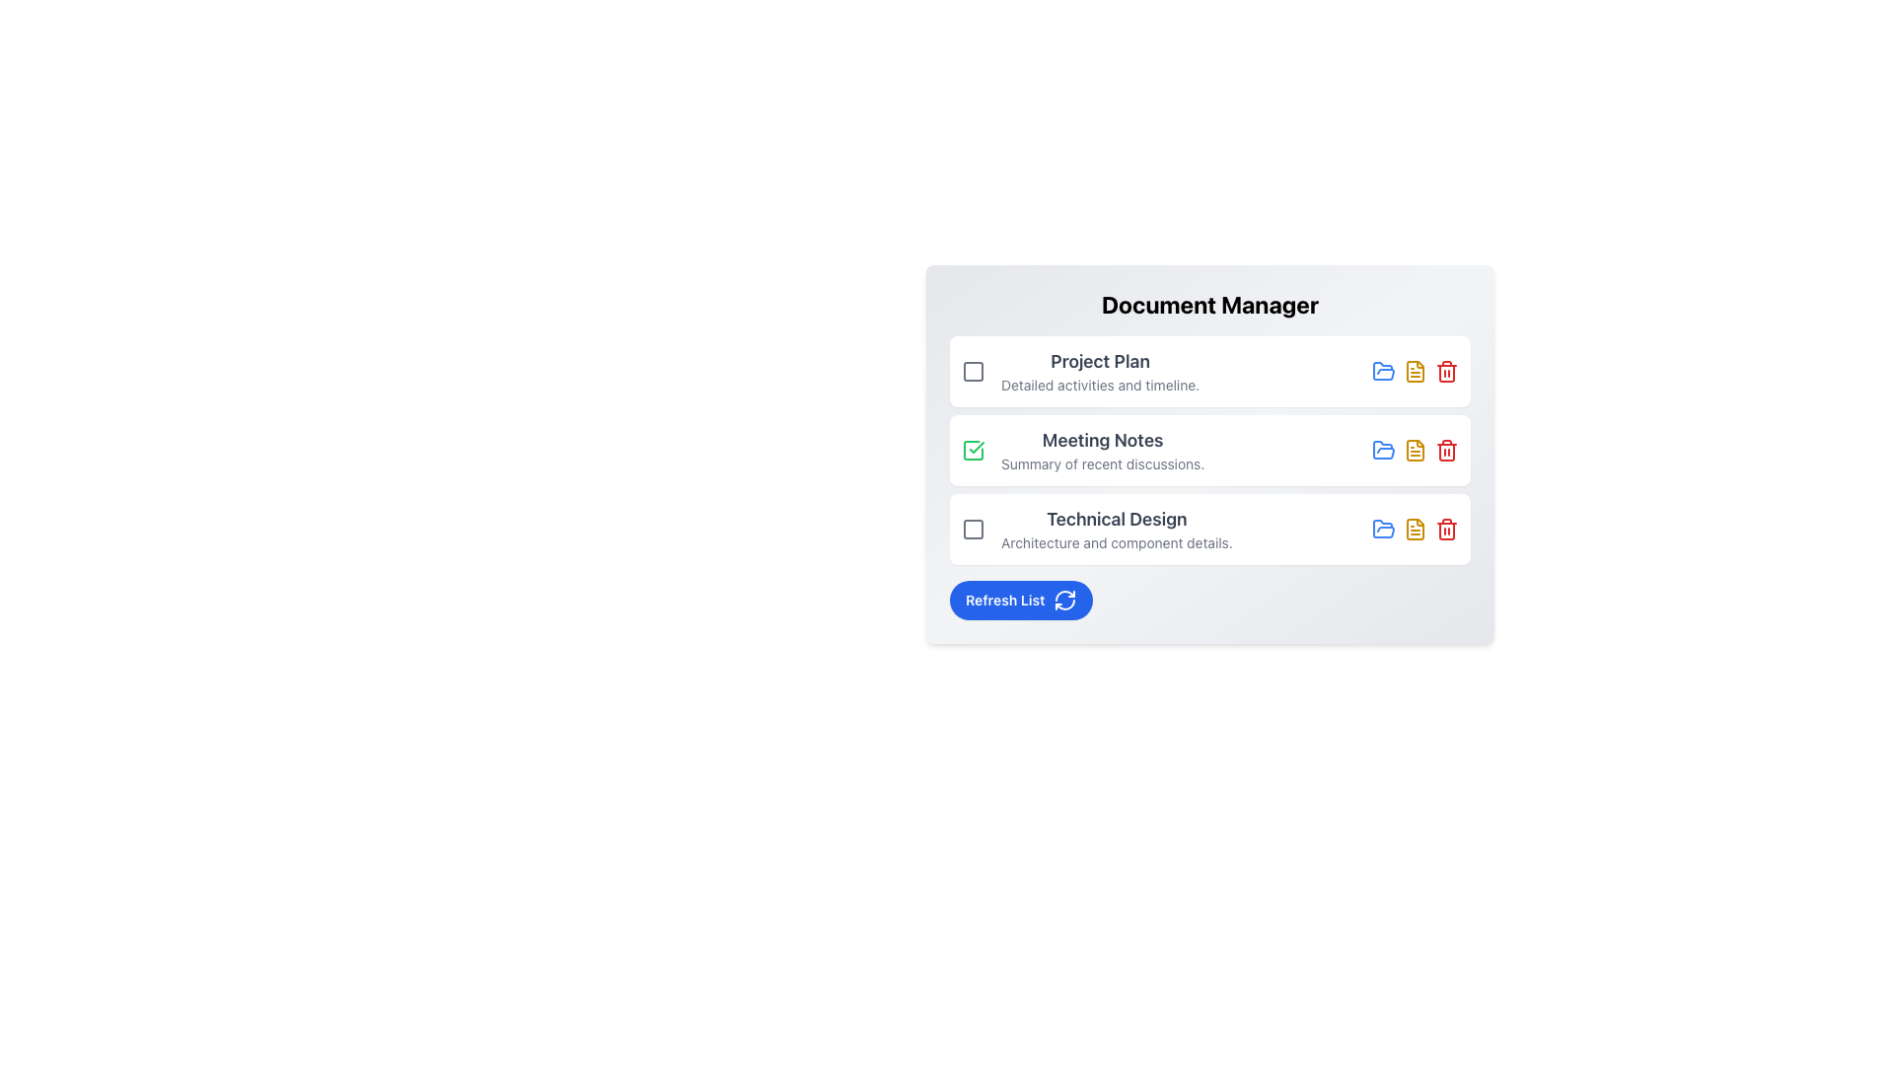 The image size is (1894, 1065). What do you see at coordinates (1079, 372) in the screenshot?
I see `descriptive label text for the task titled 'Project Plan' located in the Document Manager section, which is the leftmost element of the top item in a vertical list` at bounding box center [1079, 372].